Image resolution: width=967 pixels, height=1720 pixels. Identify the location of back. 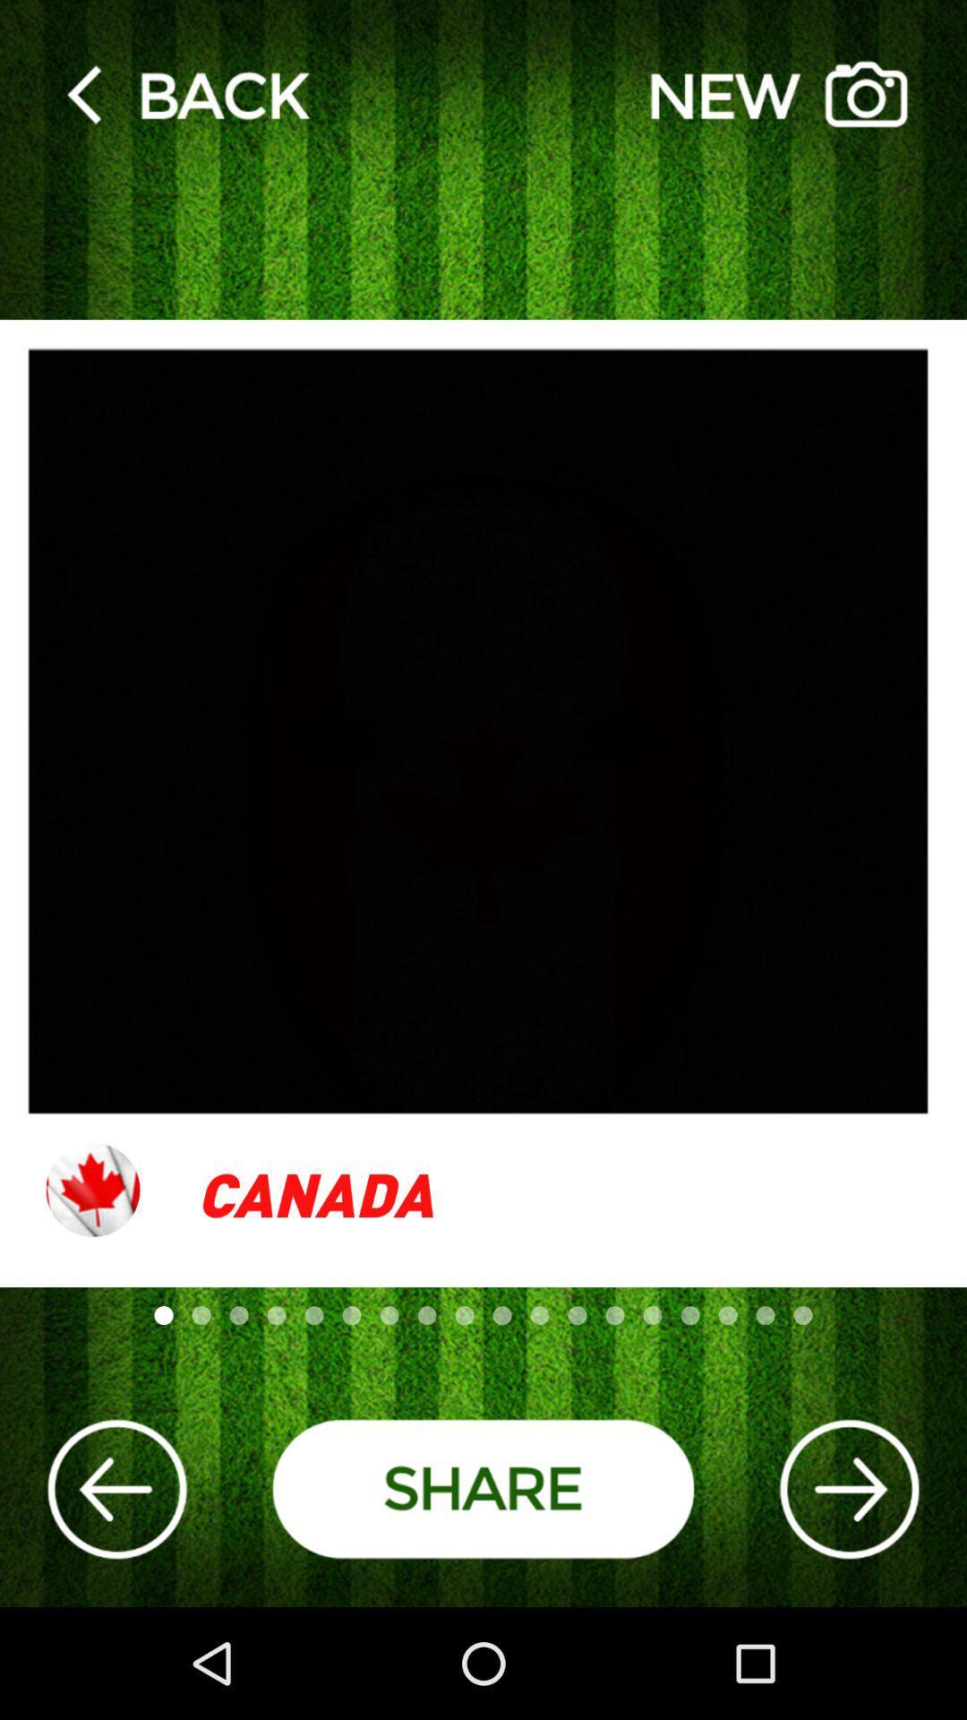
(187, 93).